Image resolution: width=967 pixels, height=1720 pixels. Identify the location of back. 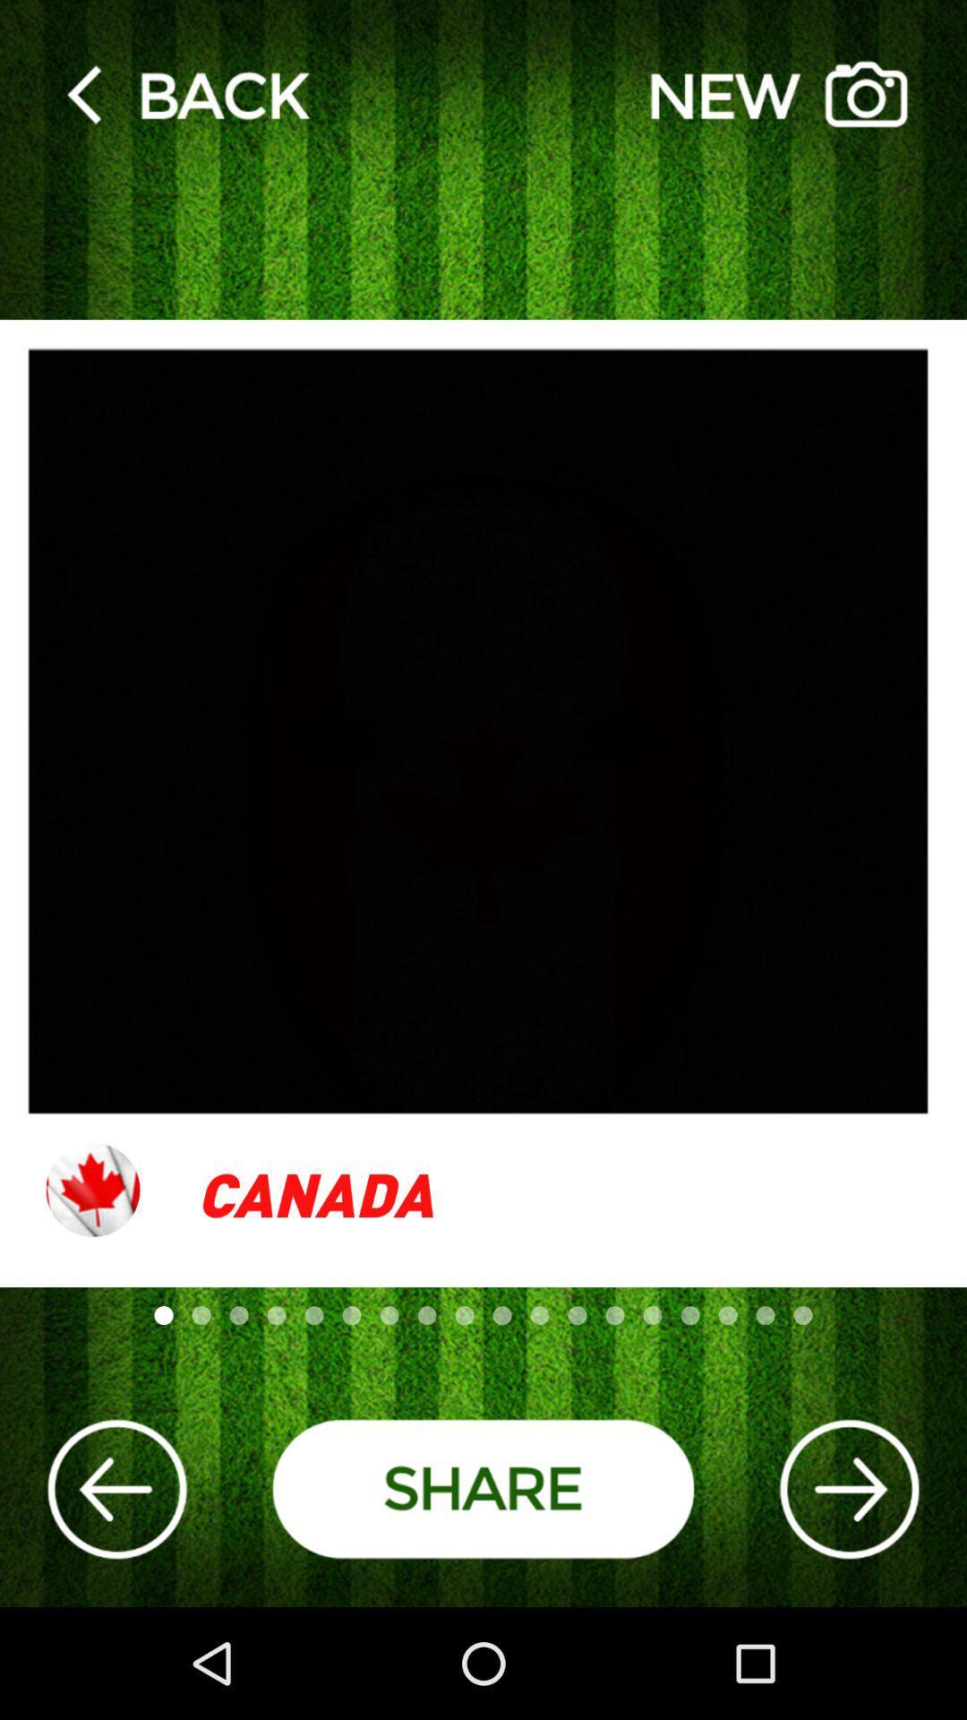
(187, 93).